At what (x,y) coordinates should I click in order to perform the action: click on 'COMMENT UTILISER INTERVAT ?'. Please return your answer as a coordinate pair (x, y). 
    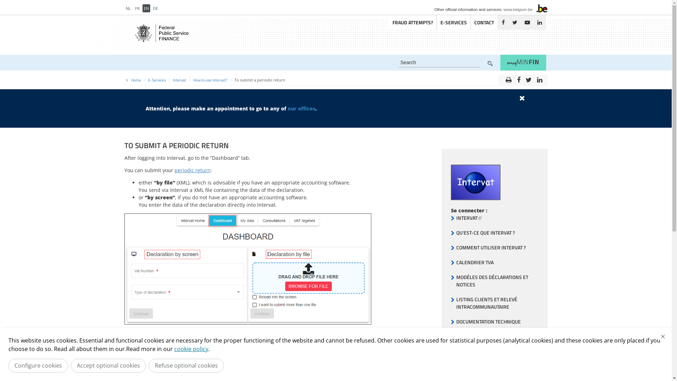
    Looking at the image, I should click on (490, 247).